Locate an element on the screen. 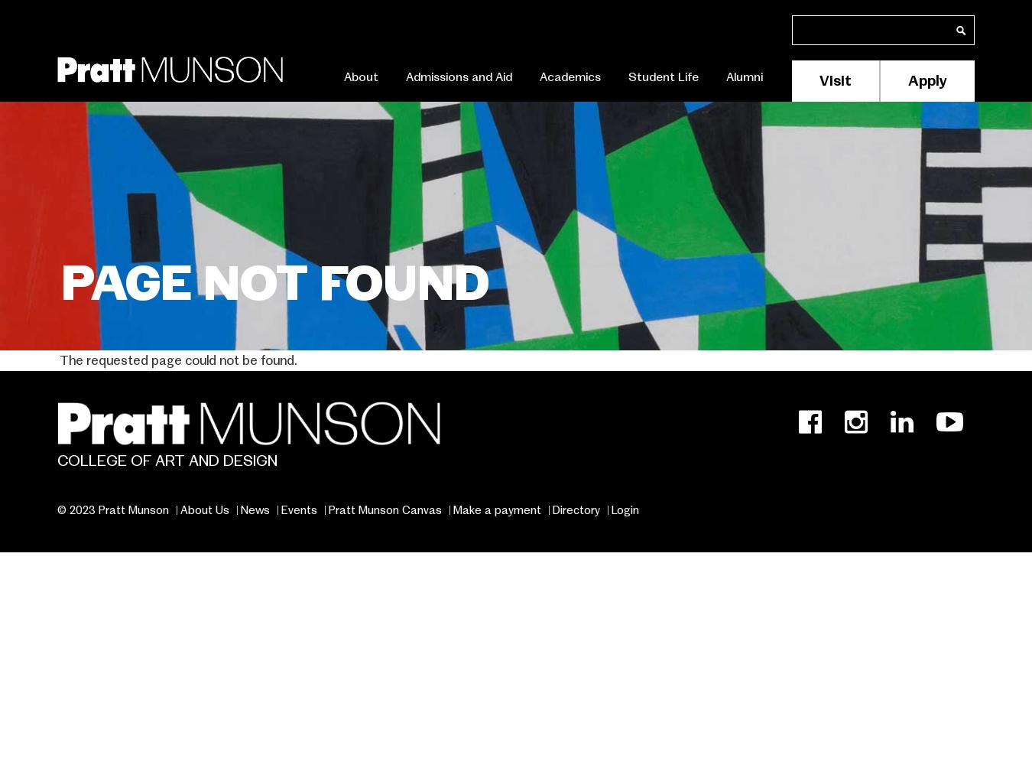 The width and height of the screenshot is (1032, 765). 'About Us' is located at coordinates (179, 509).